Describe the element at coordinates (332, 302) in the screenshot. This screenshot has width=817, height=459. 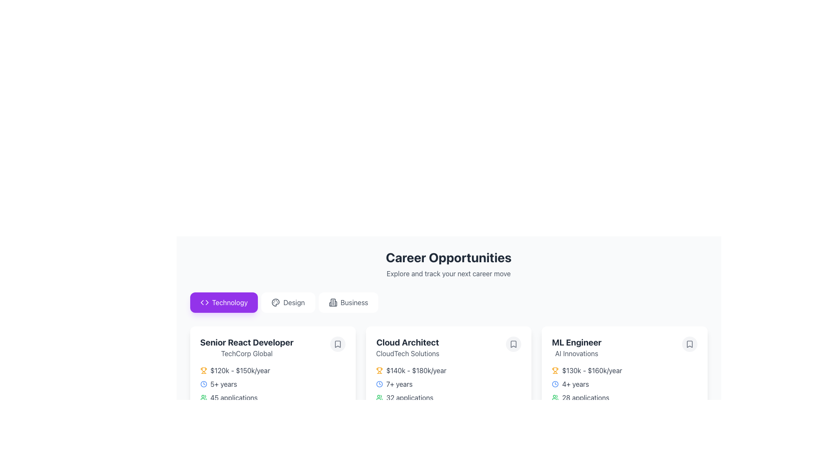
I see `the building icon within the 'Business' group, located below the 'Career Opportunities' header` at that location.